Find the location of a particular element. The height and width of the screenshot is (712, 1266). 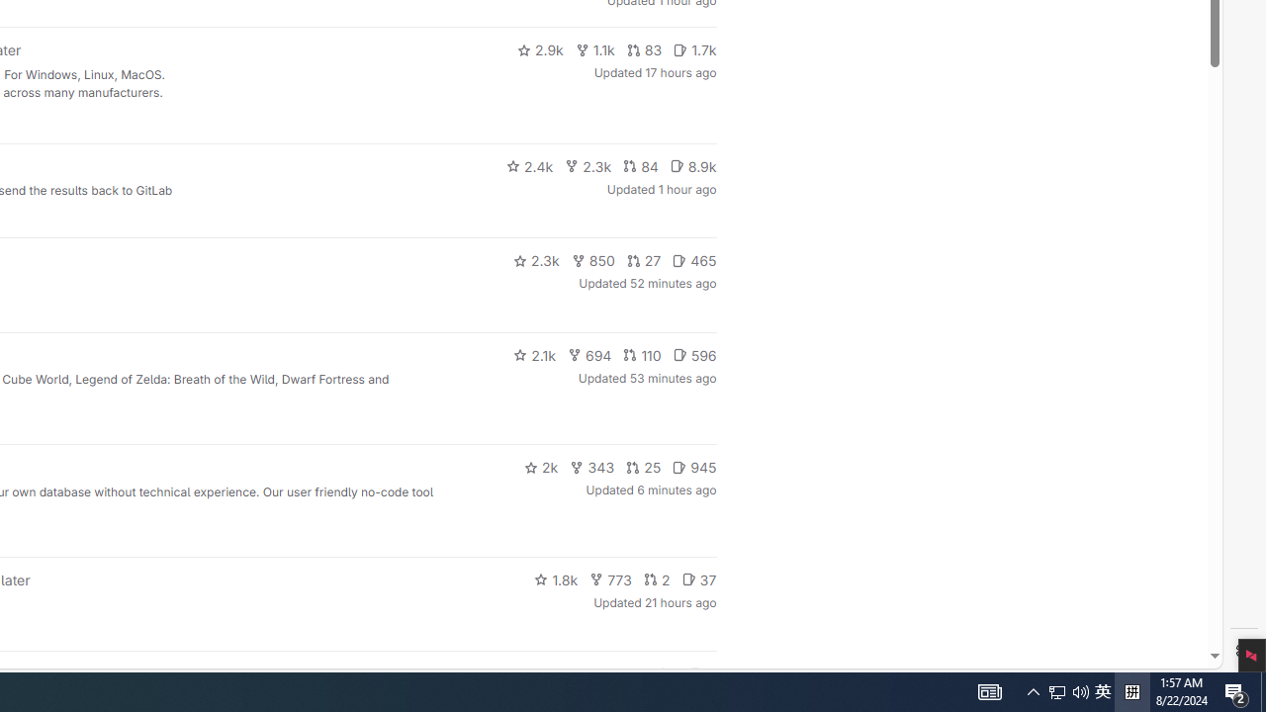

'945' is located at coordinates (694, 468).